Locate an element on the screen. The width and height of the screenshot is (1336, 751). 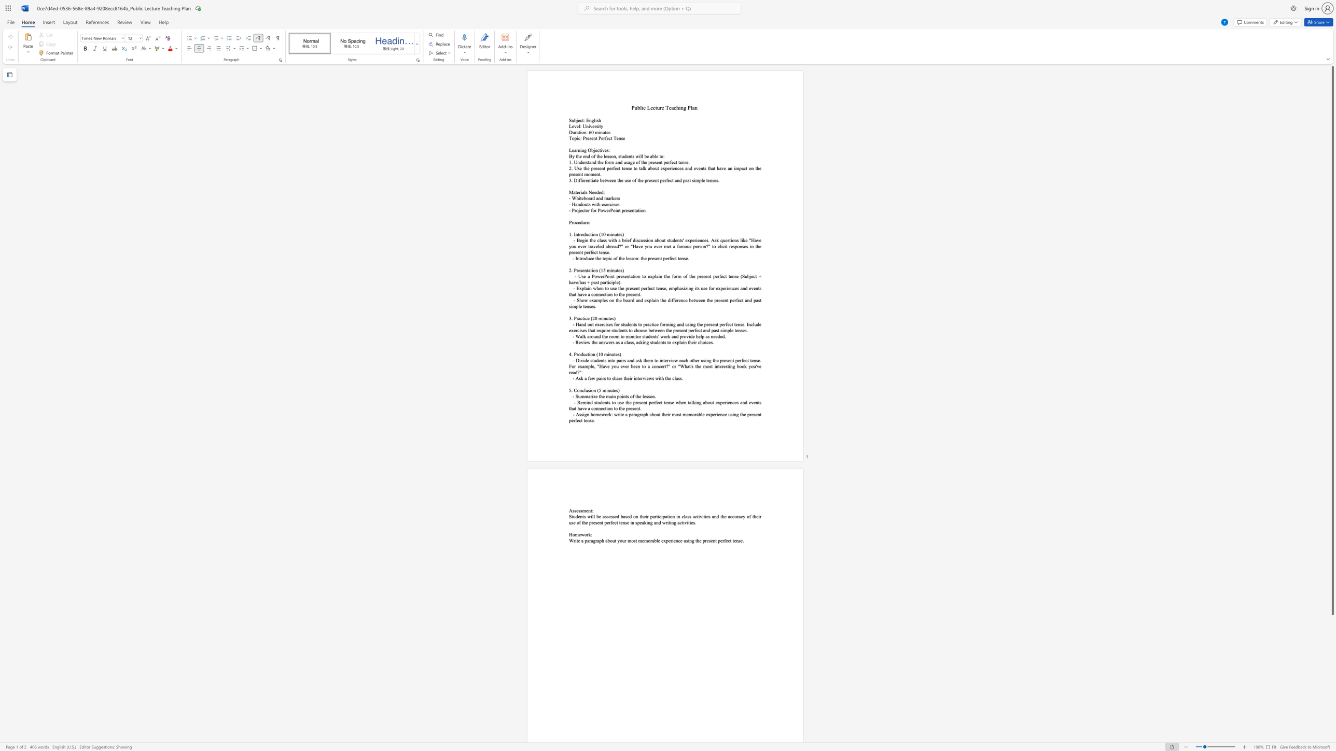
the subset text "rt?" within the text "- Divide students into pairs and ask them to interview each other using the present perfect tense. For example," is located at coordinates (662, 366).